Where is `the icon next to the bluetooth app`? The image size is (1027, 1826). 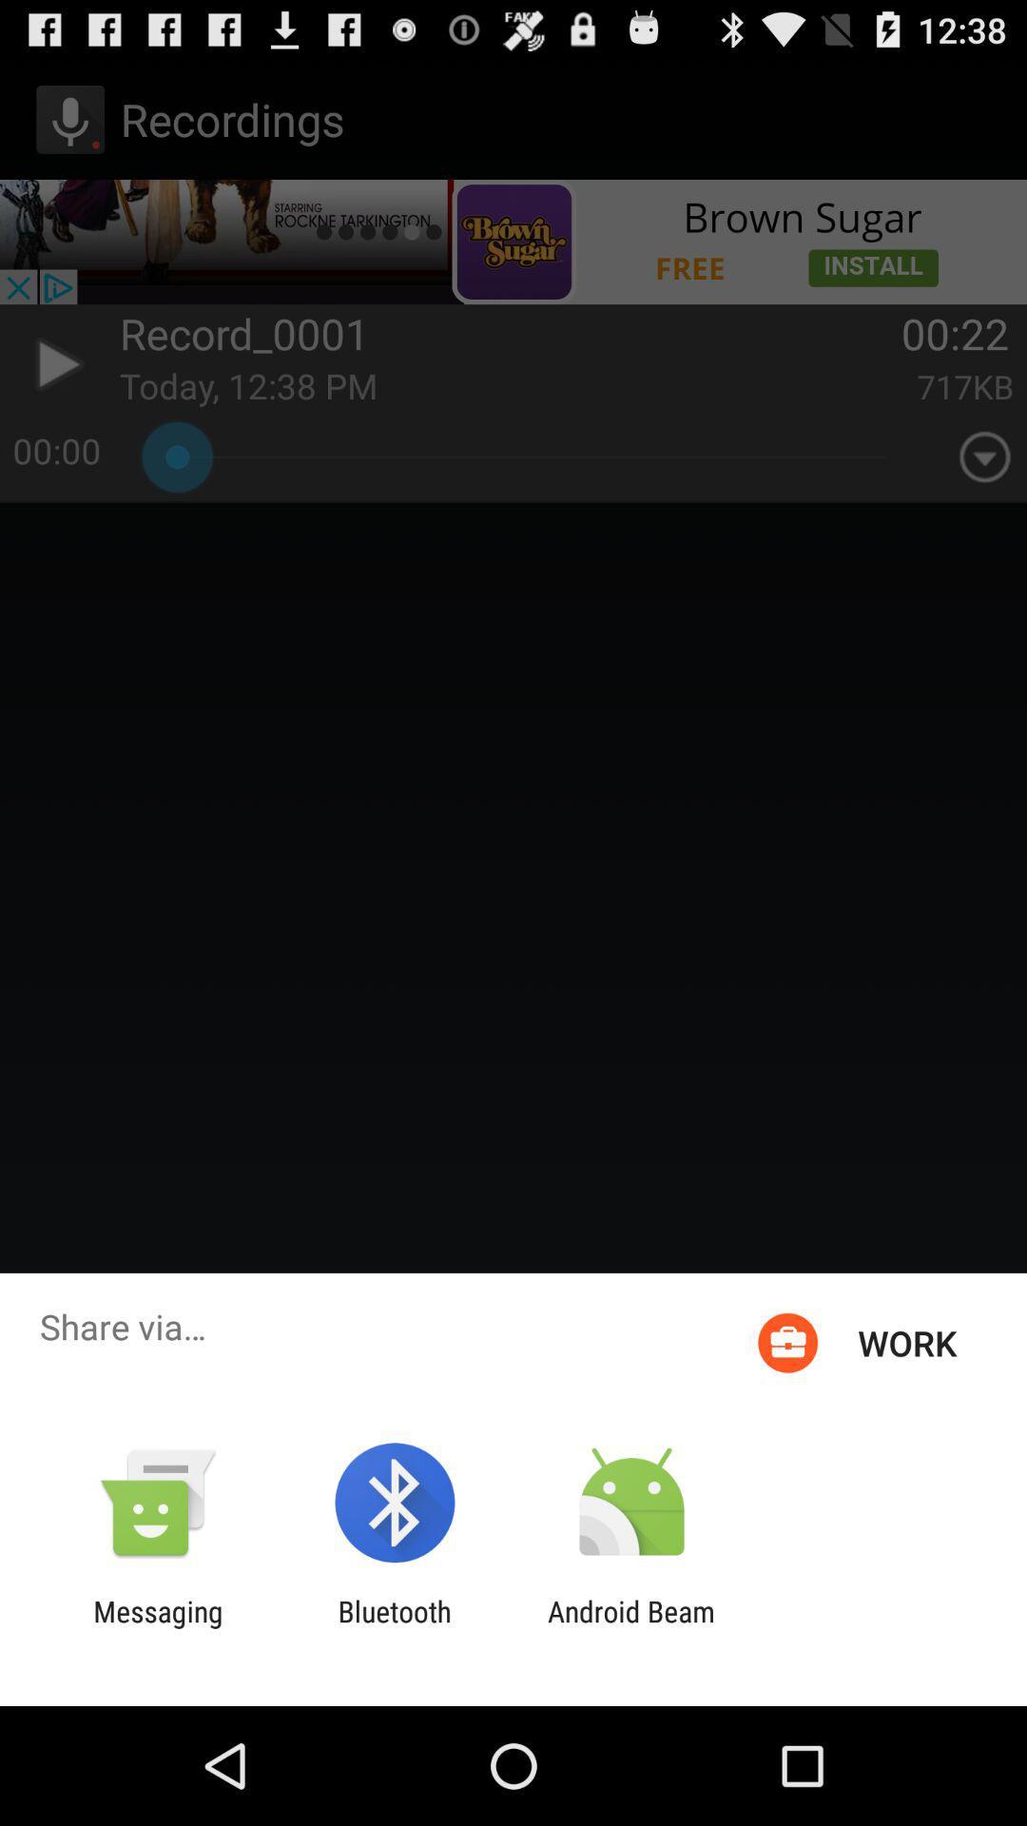
the icon next to the bluetooth app is located at coordinates (631, 1627).